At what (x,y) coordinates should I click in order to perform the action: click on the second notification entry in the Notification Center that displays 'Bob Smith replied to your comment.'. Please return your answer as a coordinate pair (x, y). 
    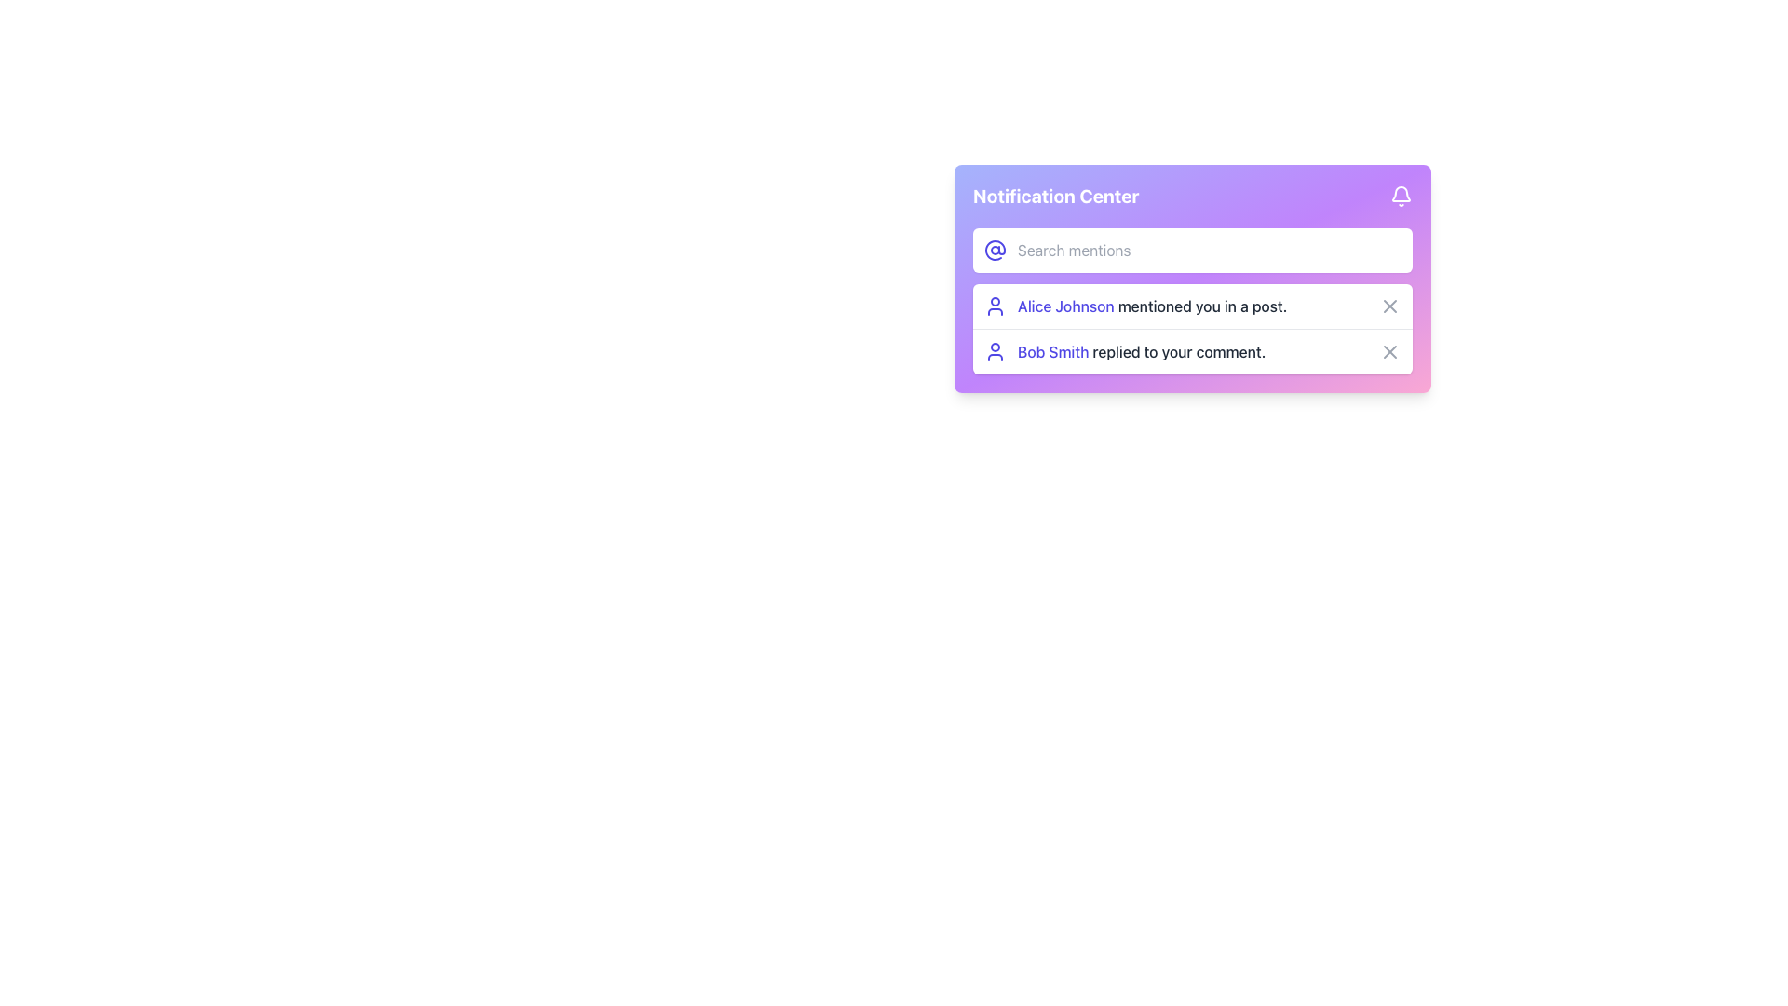
    Looking at the image, I should click on (1193, 351).